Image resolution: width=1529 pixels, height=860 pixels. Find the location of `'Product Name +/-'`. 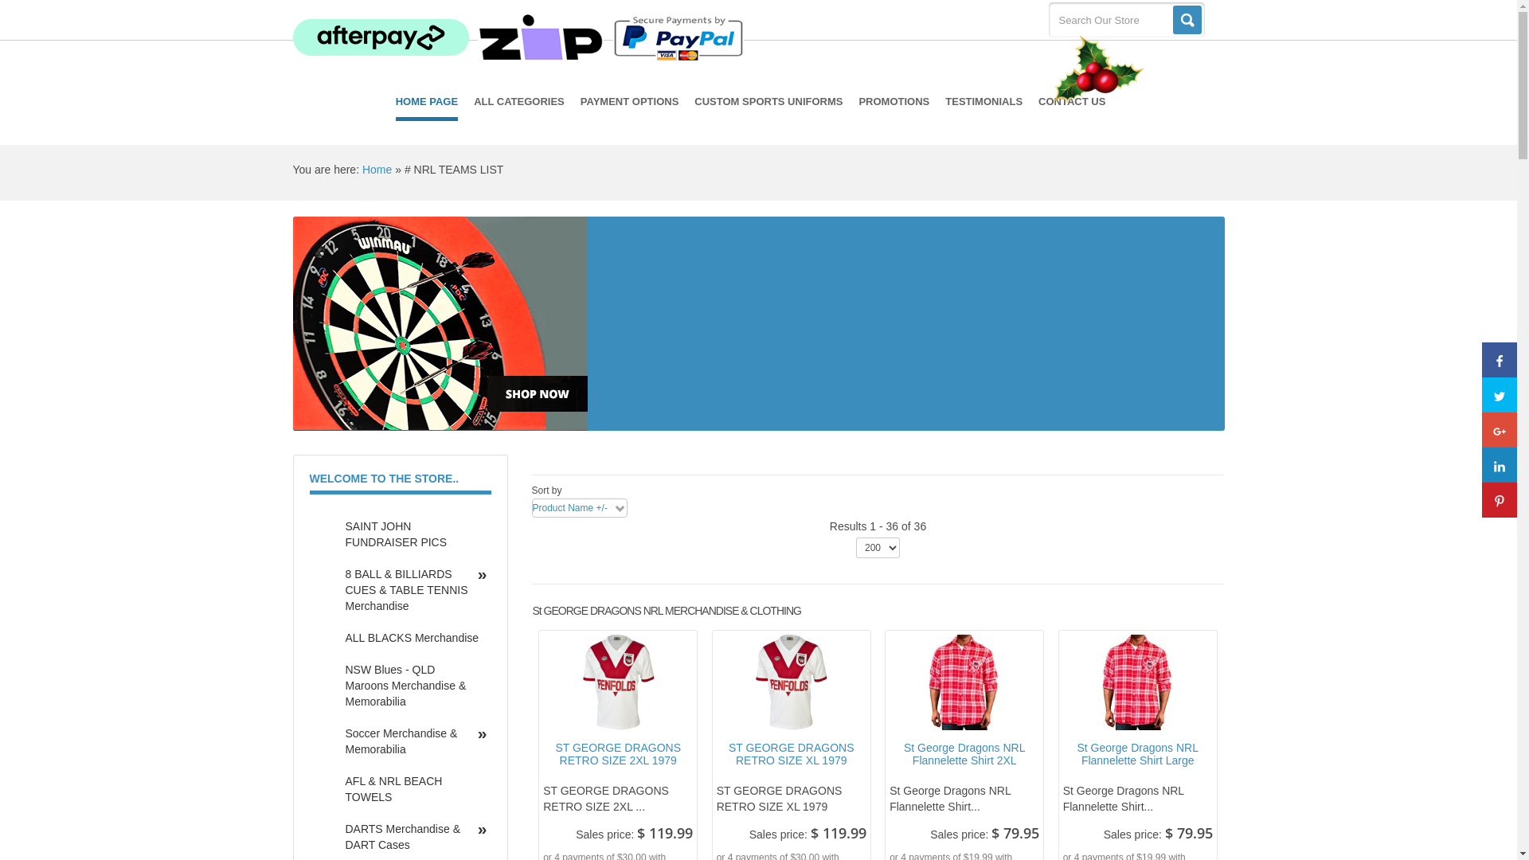

'Product Name +/-' is located at coordinates (531, 508).